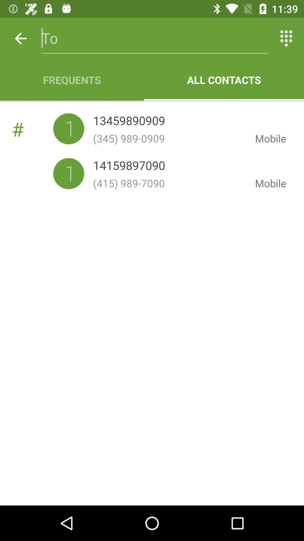 This screenshot has height=541, width=304. I want to click on the # icon, so click(32, 128).